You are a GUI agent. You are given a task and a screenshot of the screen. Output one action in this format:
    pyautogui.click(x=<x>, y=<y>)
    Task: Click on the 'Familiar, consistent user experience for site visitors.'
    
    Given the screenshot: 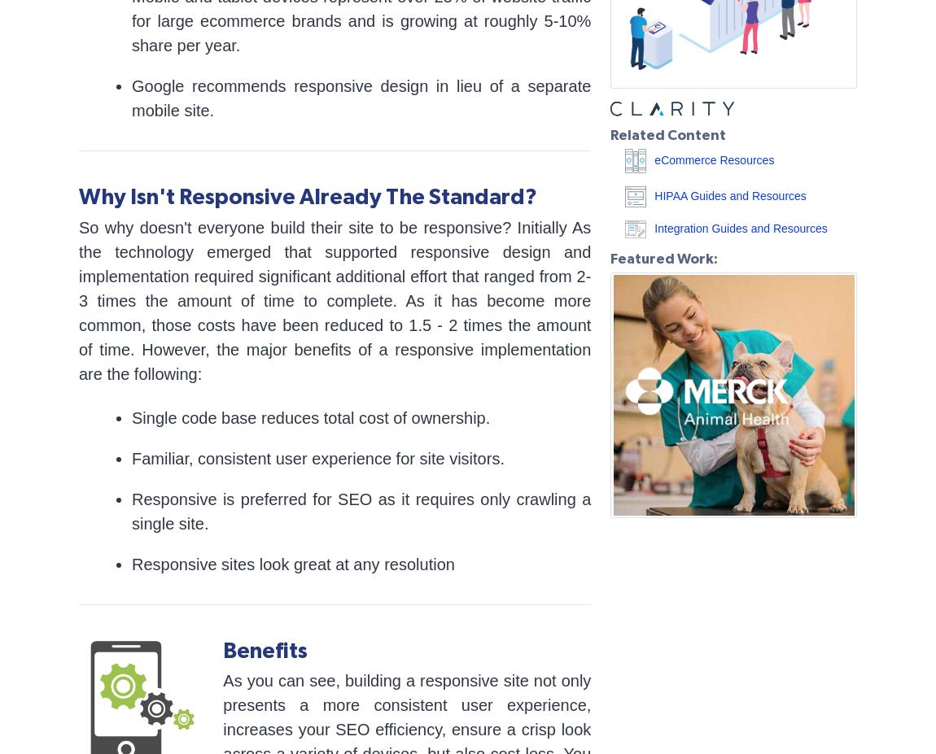 What is the action you would take?
    pyautogui.click(x=317, y=457)
    